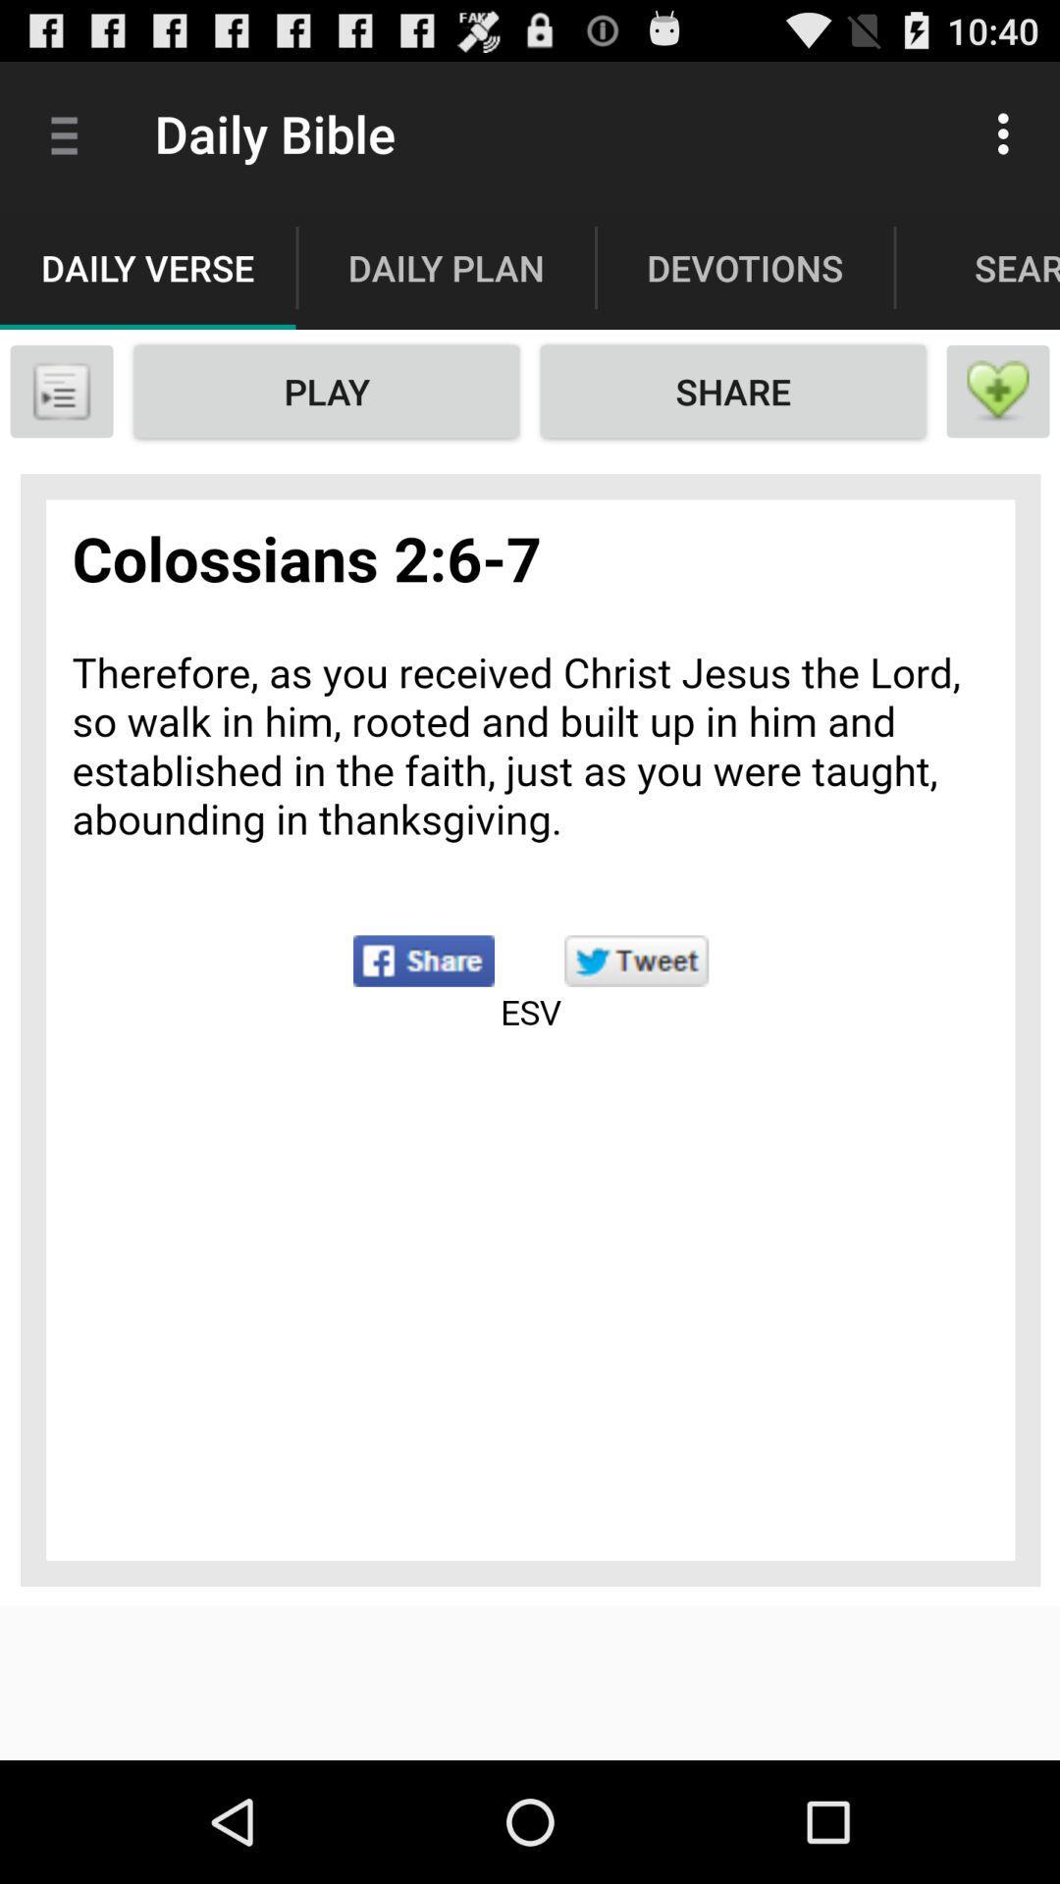  I want to click on this passage, so click(998, 391).